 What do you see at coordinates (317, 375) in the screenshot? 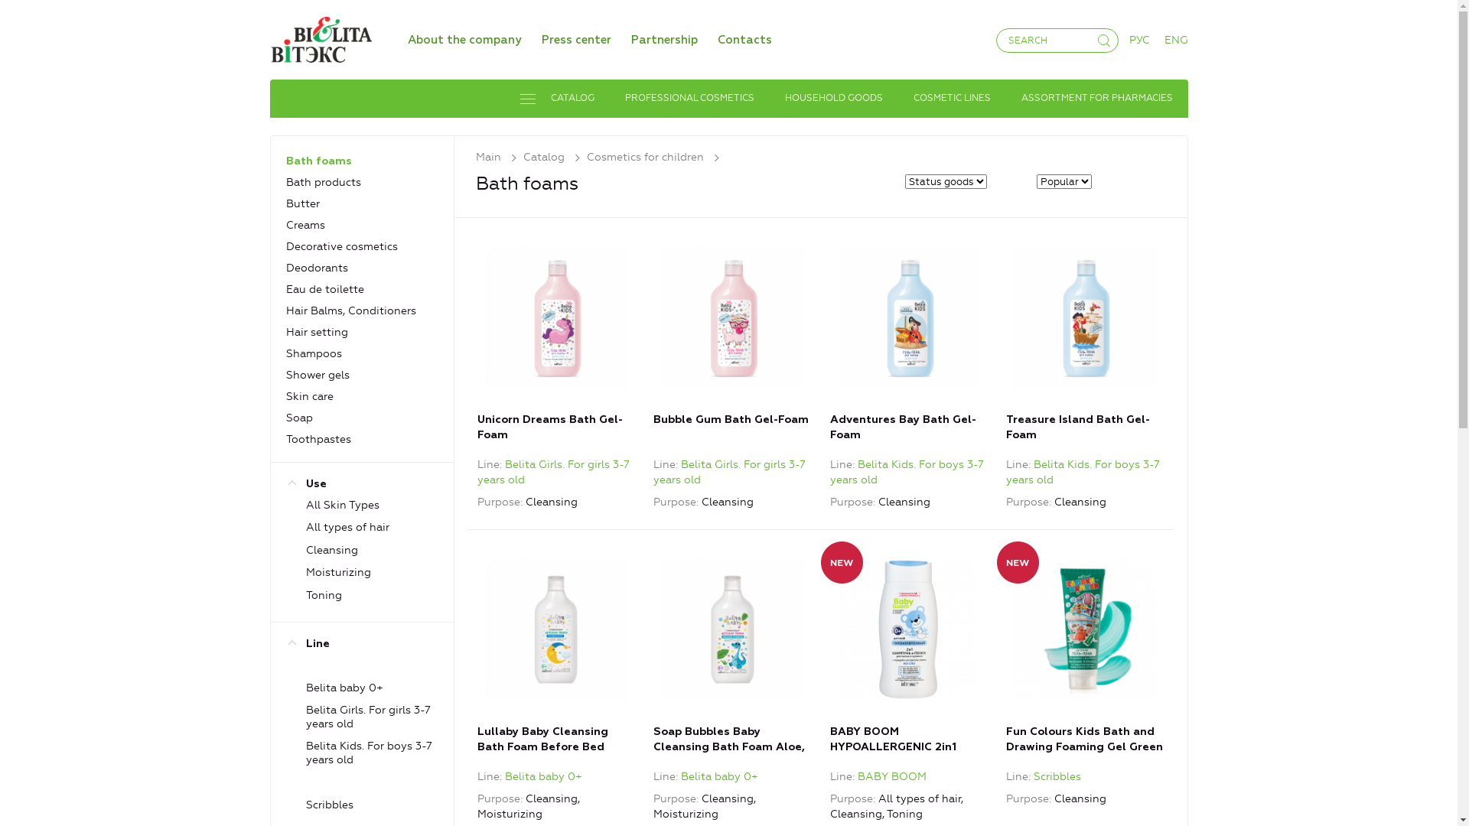
I see `'Shower gels'` at bounding box center [317, 375].